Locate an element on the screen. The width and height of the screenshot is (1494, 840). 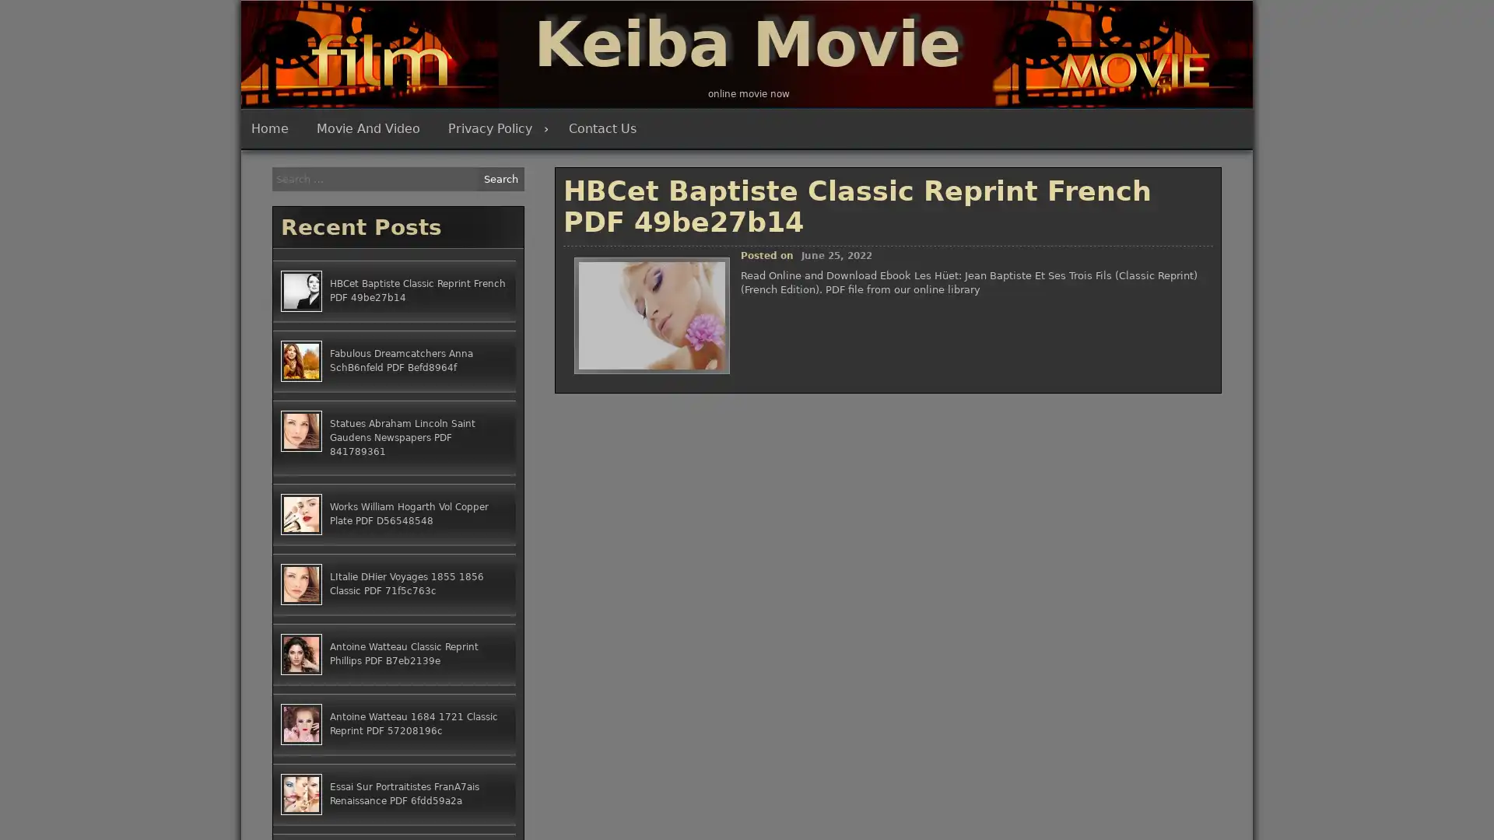
Search is located at coordinates (500, 178).